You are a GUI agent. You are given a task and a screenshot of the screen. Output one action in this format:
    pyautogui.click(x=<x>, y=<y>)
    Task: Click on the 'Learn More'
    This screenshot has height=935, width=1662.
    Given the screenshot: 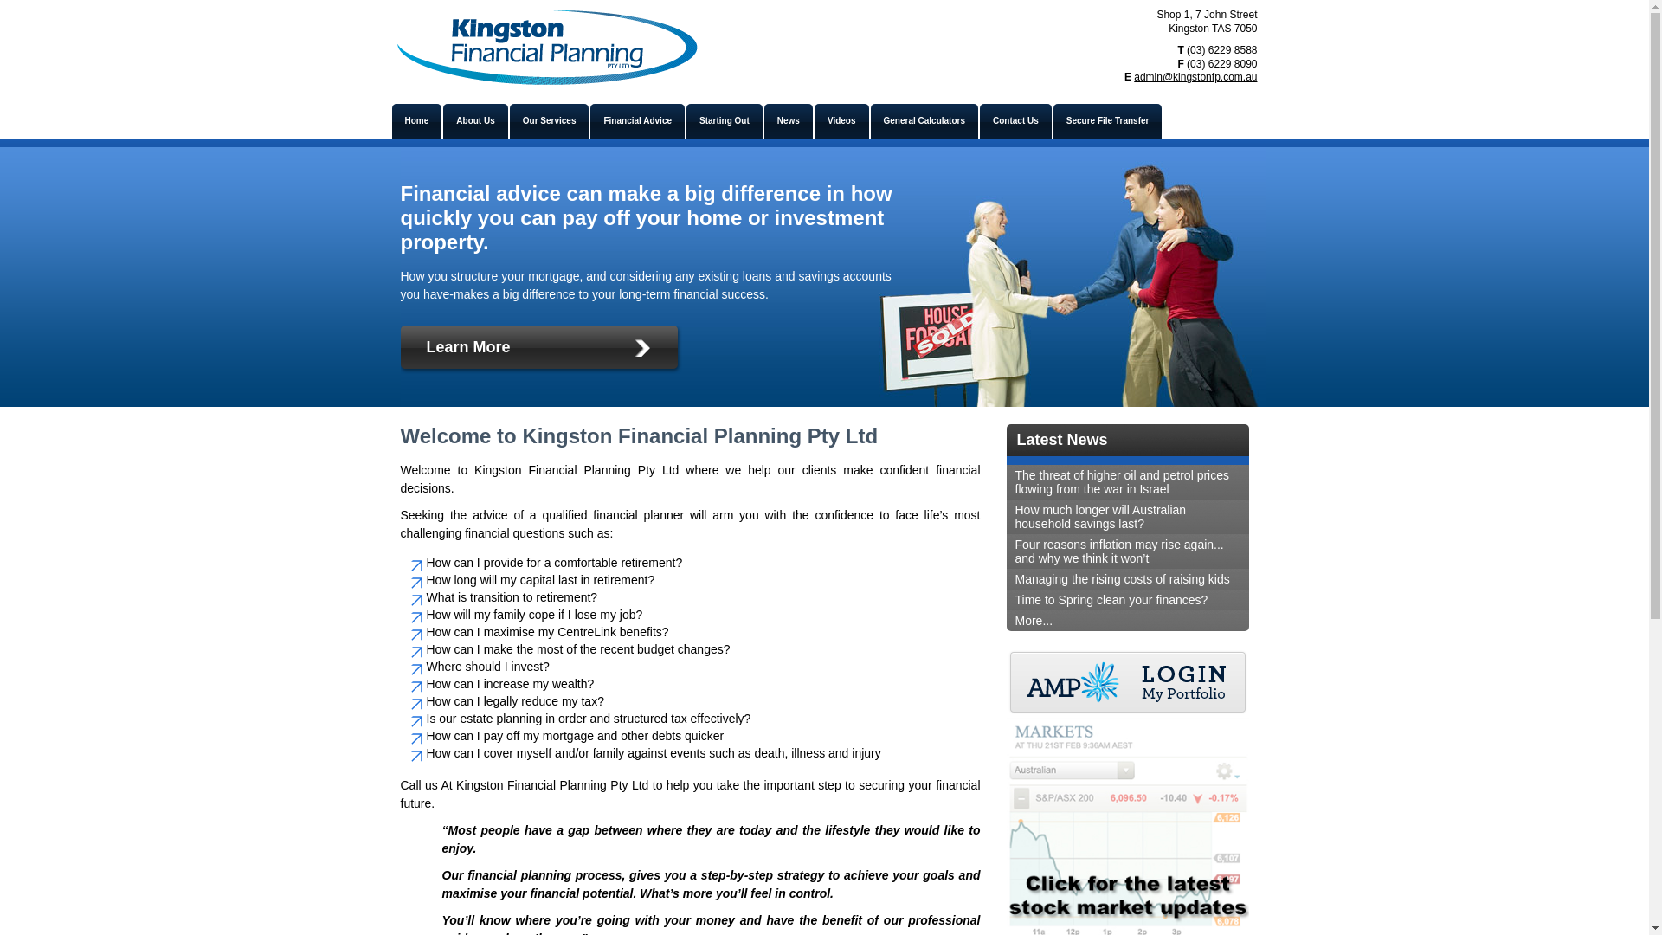 What is the action you would take?
    pyautogui.click(x=542, y=351)
    